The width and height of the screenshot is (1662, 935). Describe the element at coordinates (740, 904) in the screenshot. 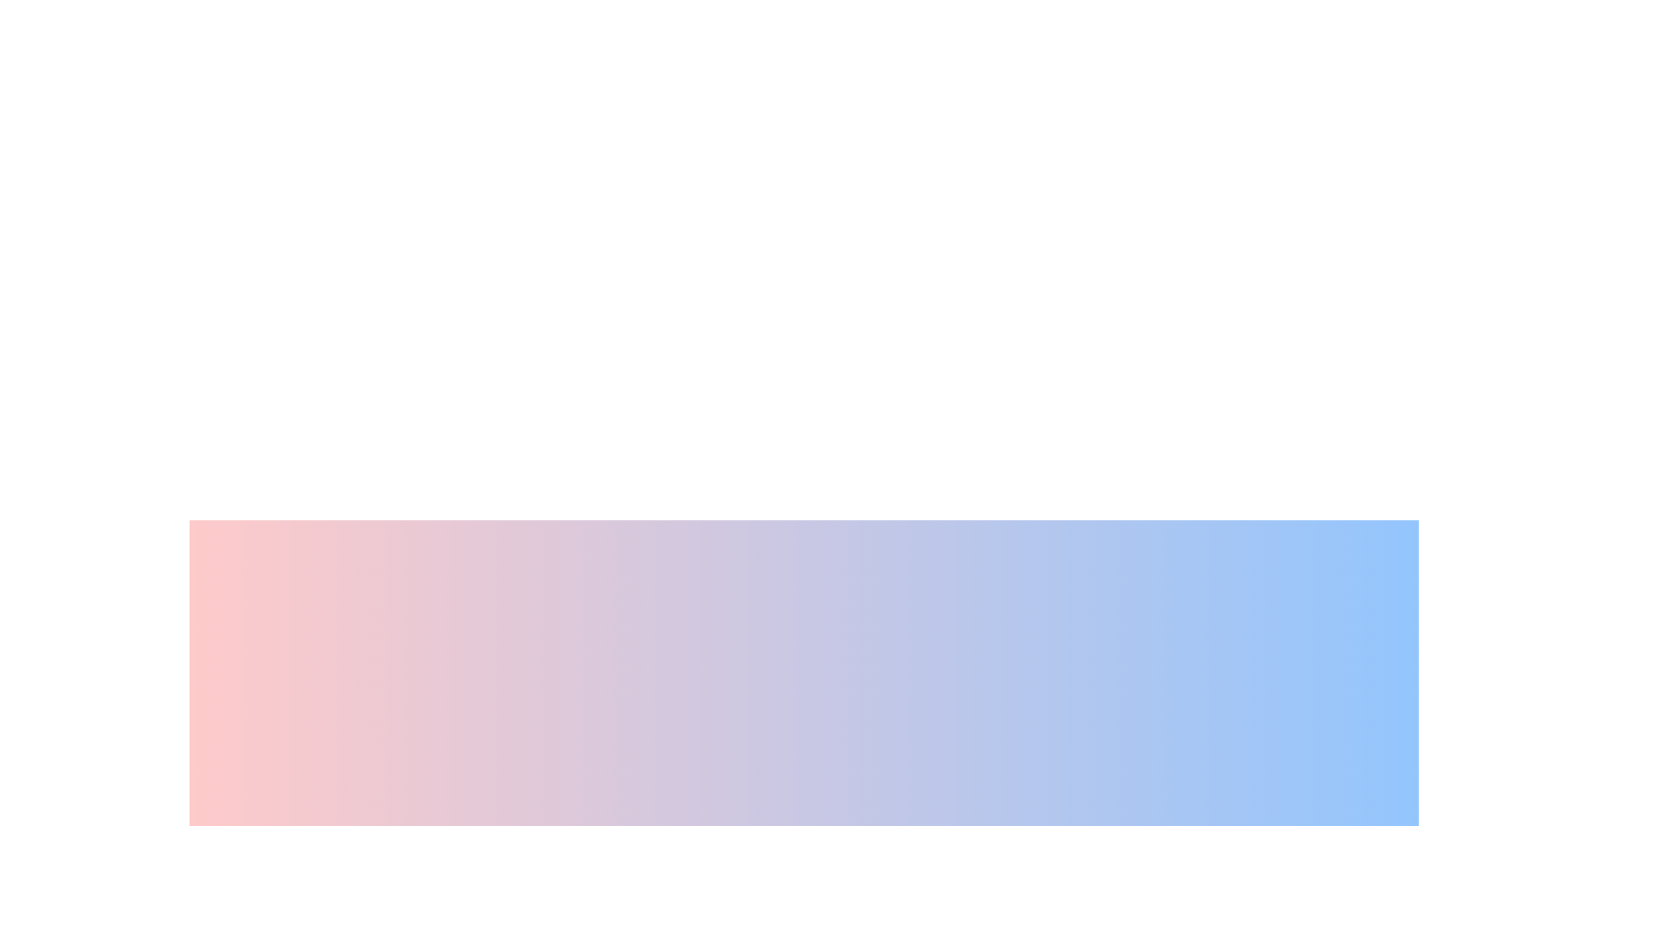

I see `the circular SVG element located at the center of the globe icon` at that location.